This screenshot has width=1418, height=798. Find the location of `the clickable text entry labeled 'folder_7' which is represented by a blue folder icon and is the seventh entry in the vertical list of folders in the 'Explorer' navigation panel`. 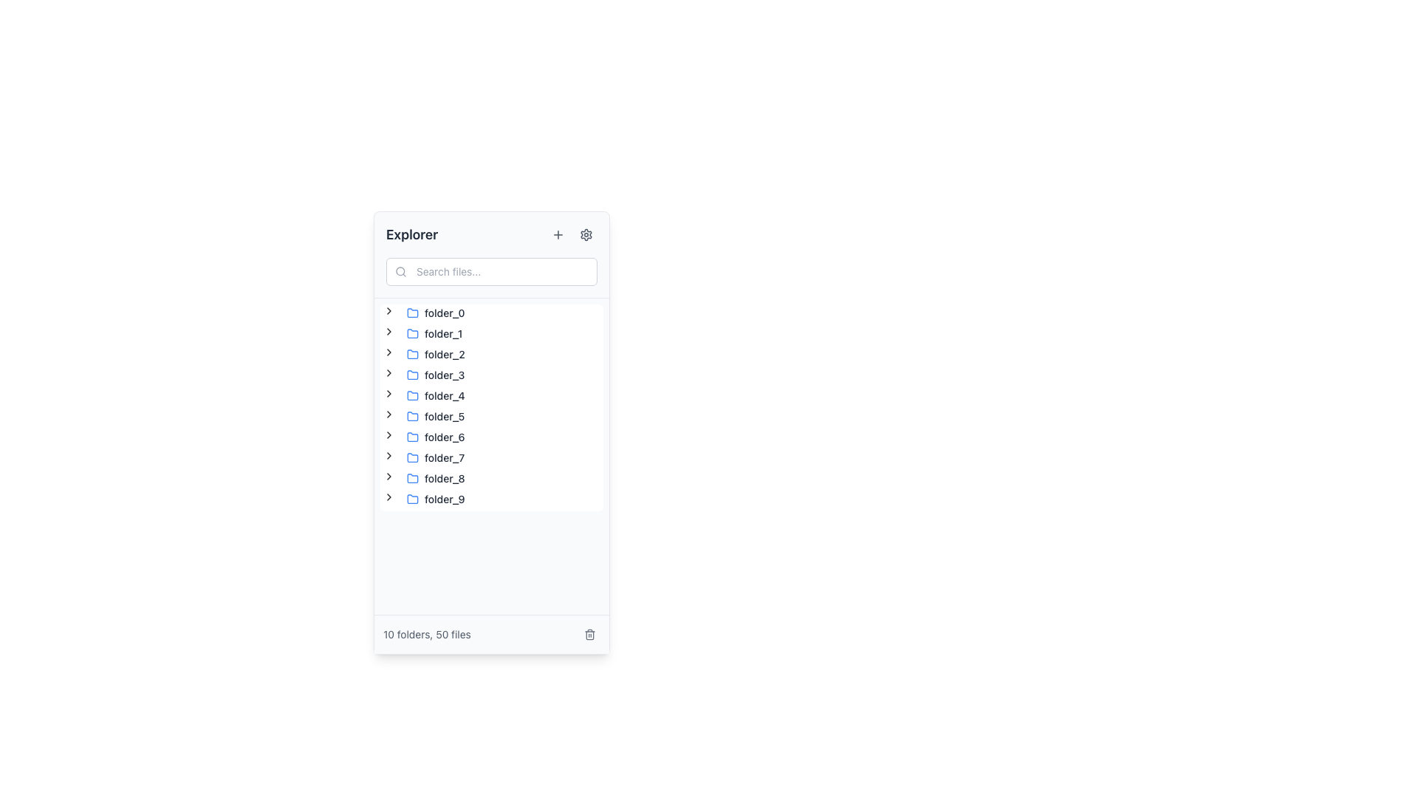

the clickable text entry labeled 'folder_7' which is represented by a blue folder icon and is the seventh entry in the vertical list of folders in the 'Explorer' navigation panel is located at coordinates (435, 457).